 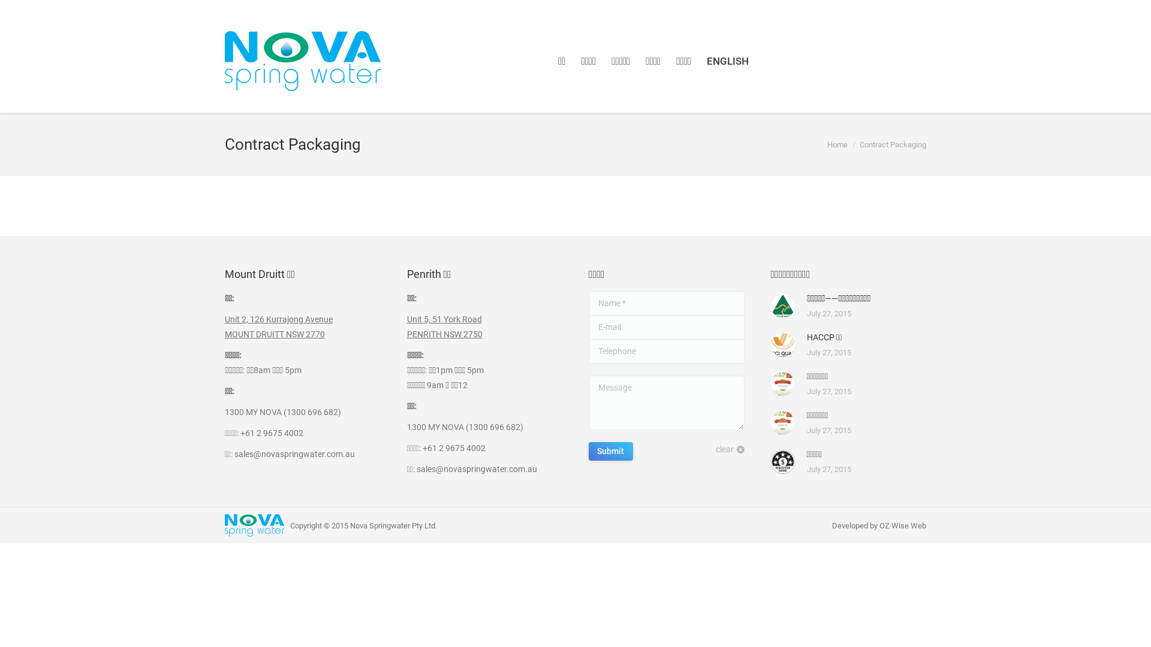 What do you see at coordinates (278, 318) in the screenshot?
I see `'Unit 2, 126 Kurrajong Avenue'` at bounding box center [278, 318].